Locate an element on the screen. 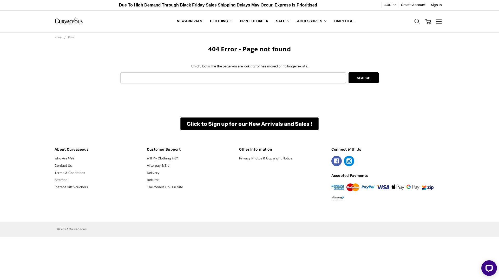  'Curvaceous' is located at coordinates (68, 21).